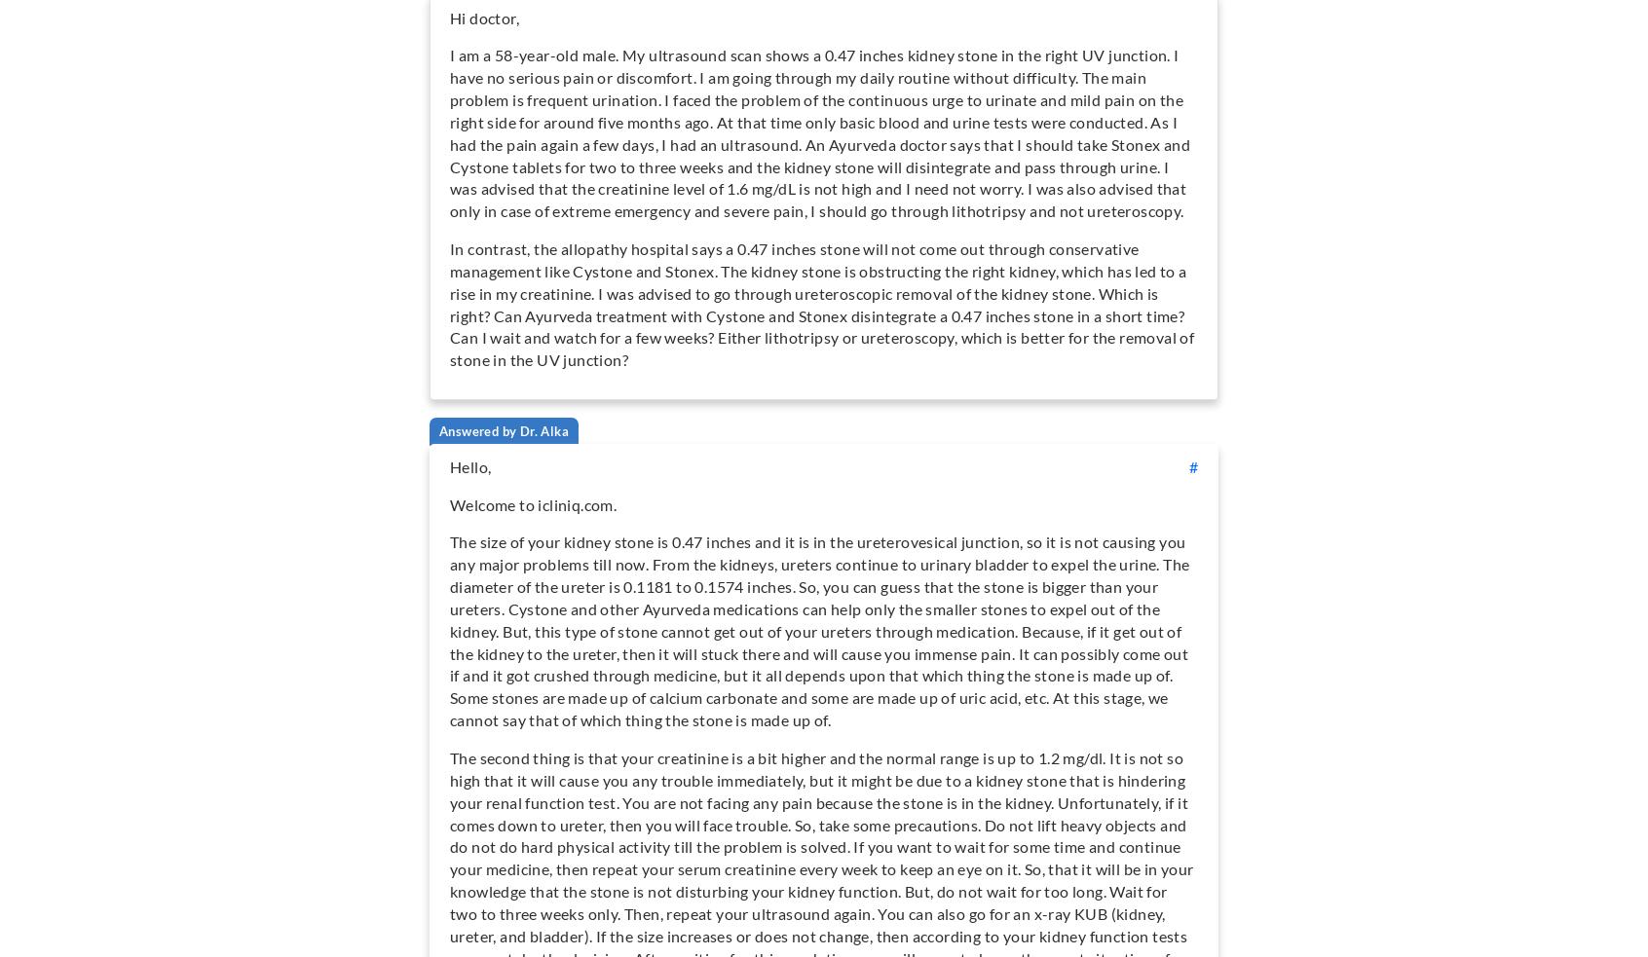 This screenshot has height=957, width=1648. What do you see at coordinates (396, 331) in the screenshot?
I see `'specialties we cover'` at bounding box center [396, 331].